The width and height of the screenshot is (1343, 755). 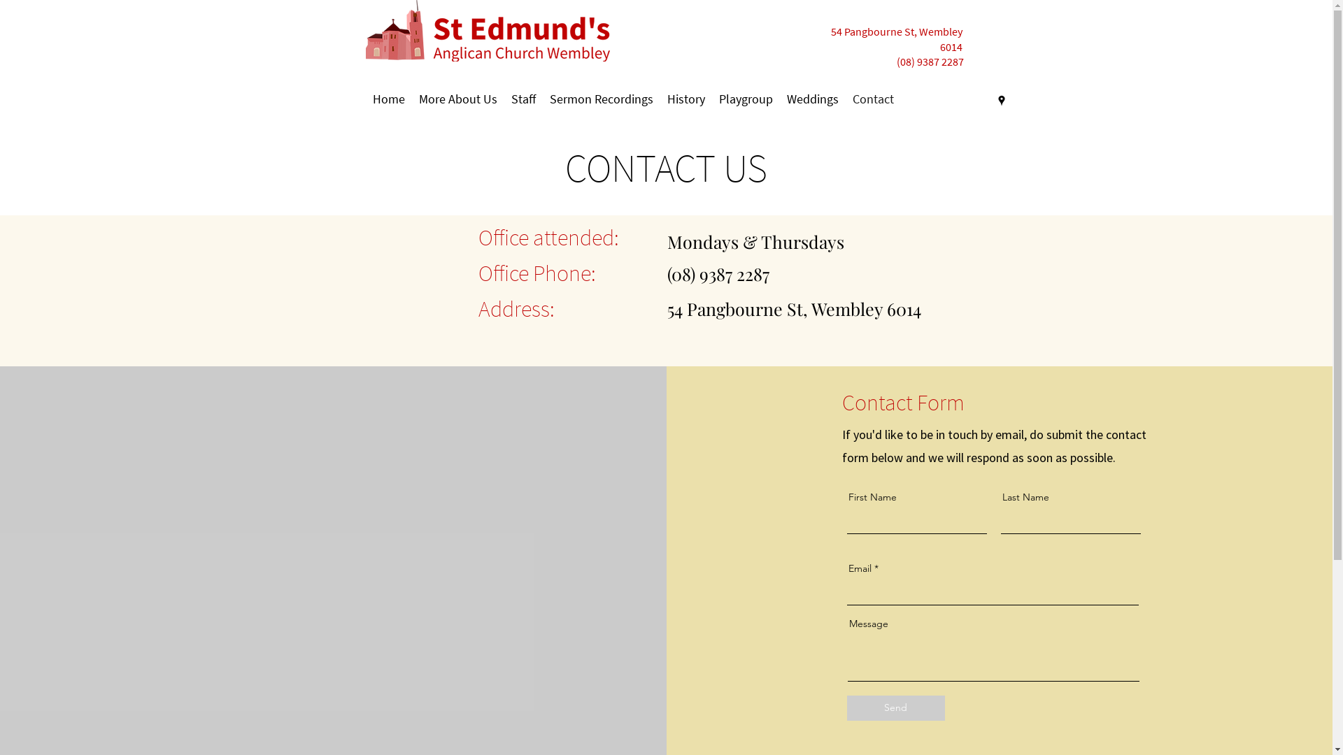 I want to click on 'Staff', so click(x=522, y=99).